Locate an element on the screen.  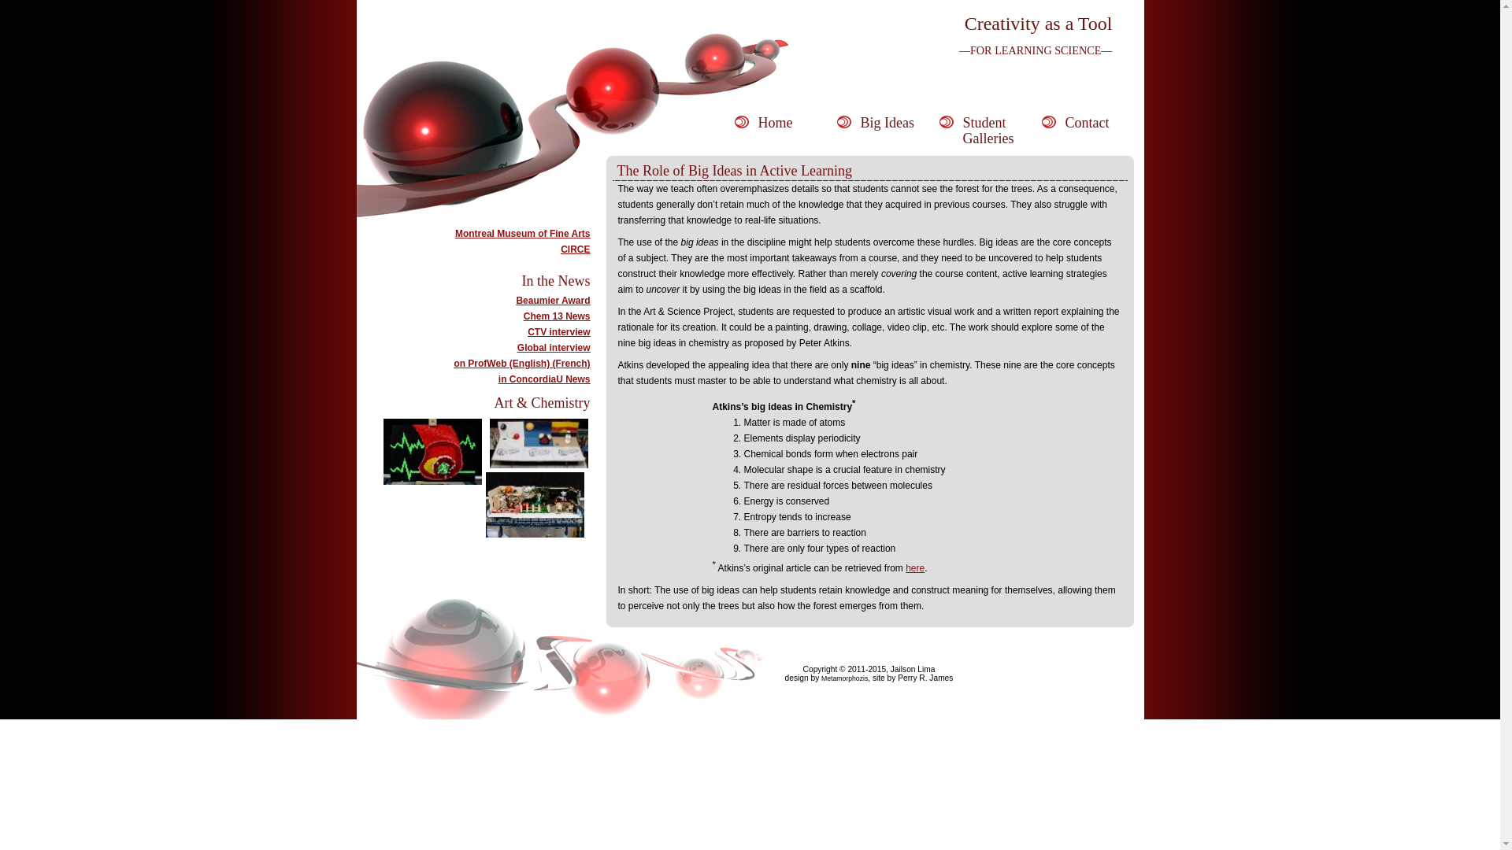
'Metamorphozis' is located at coordinates (820, 677).